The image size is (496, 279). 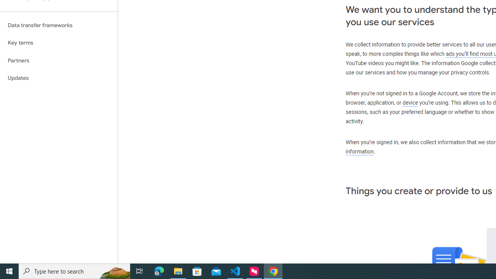 What do you see at coordinates (410, 102) in the screenshot?
I see `'device'` at bounding box center [410, 102].